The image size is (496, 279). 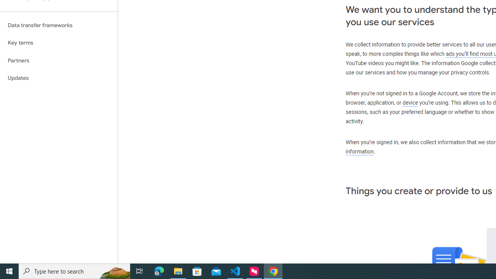 What do you see at coordinates (410, 102) in the screenshot?
I see `'device'` at bounding box center [410, 102].